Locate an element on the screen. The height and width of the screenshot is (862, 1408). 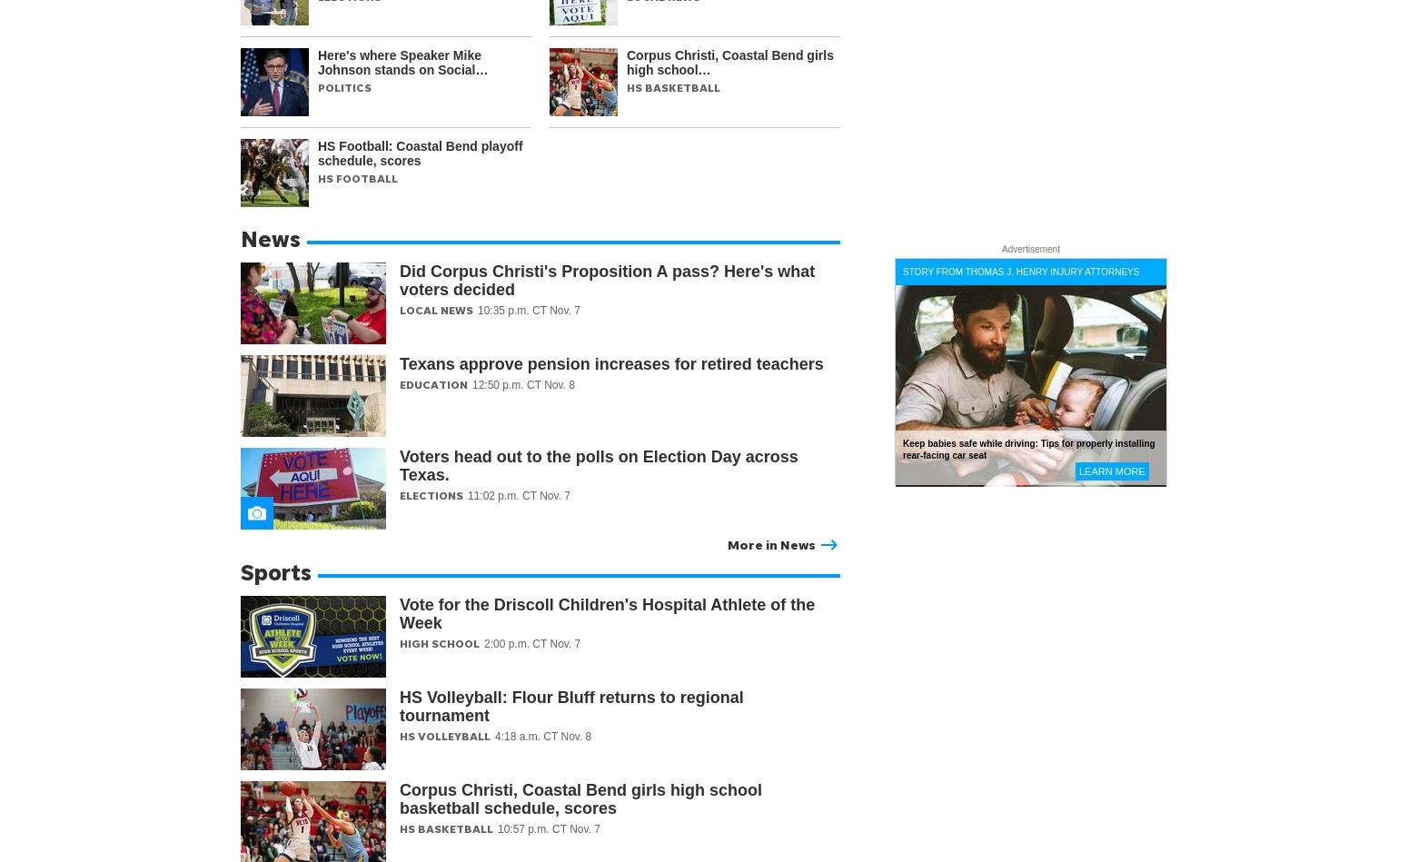
'HS Volleyball: Flour Bluff returns to regional tournament' is located at coordinates (570, 706).